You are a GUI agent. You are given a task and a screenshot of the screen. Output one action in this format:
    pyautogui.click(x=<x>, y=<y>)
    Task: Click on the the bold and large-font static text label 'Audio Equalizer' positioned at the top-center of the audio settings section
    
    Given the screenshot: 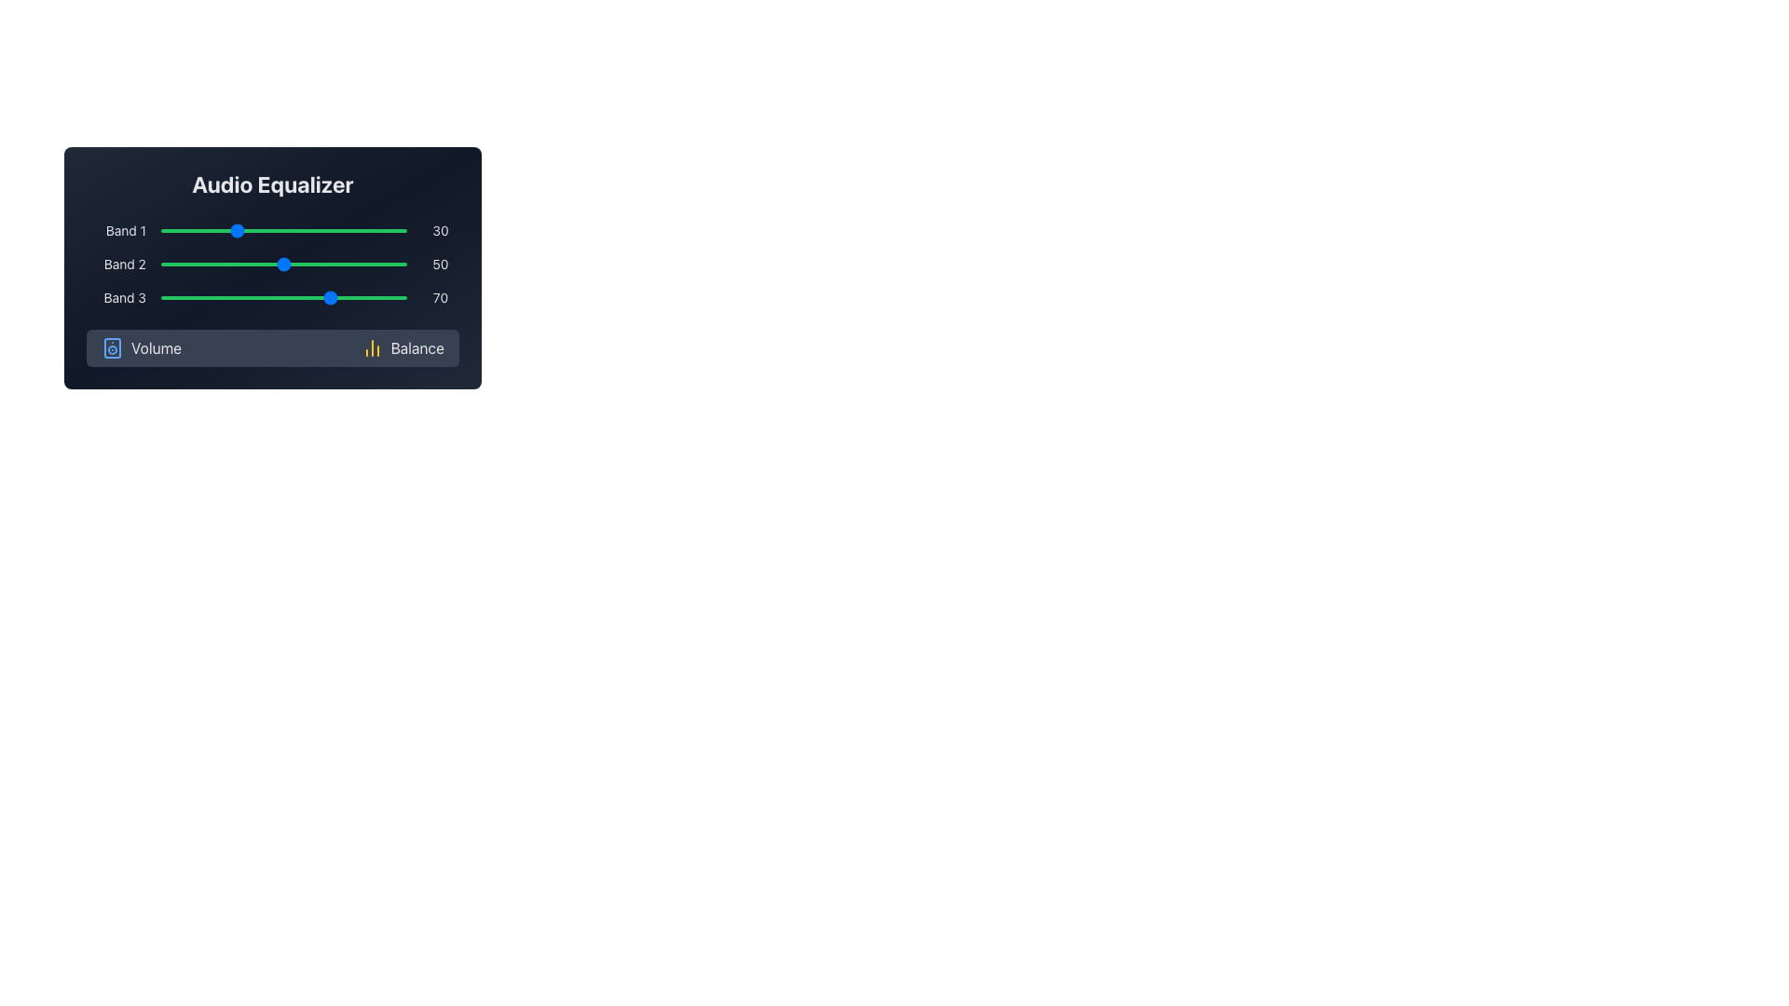 What is the action you would take?
    pyautogui.click(x=271, y=184)
    